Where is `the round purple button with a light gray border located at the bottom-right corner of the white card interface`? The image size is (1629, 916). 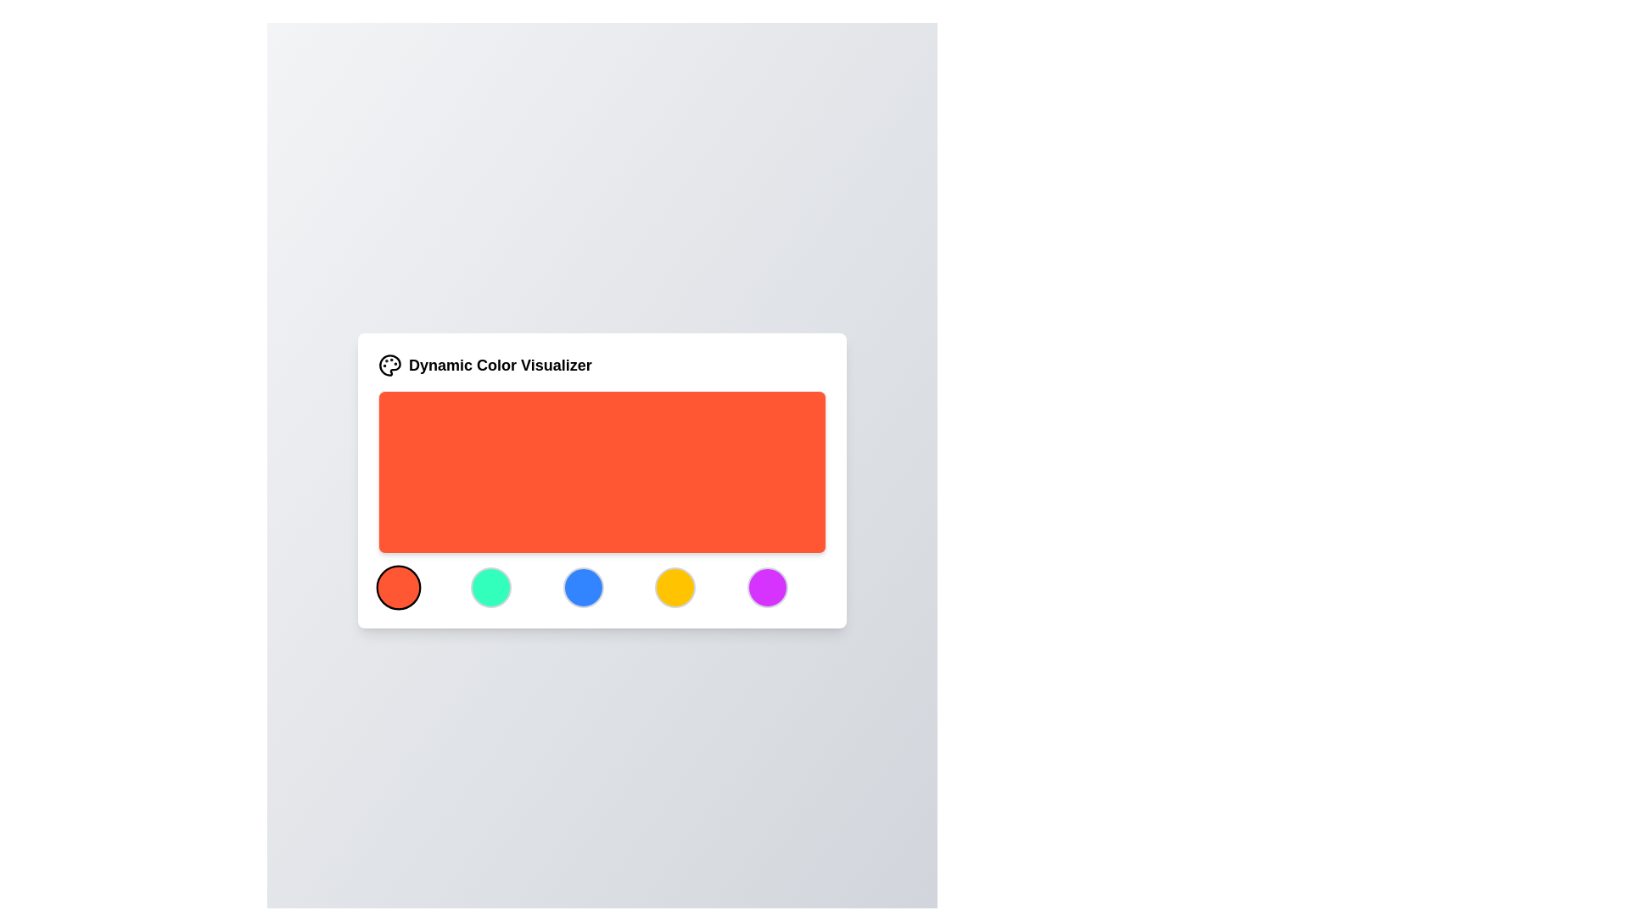 the round purple button with a light gray border located at the bottom-right corner of the white card interface is located at coordinates (767, 587).